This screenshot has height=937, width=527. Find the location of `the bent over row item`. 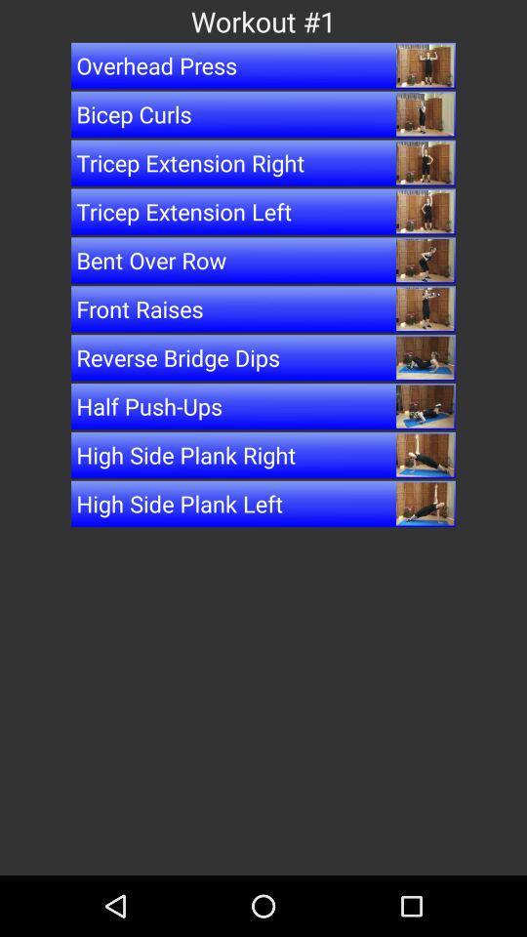

the bent over row item is located at coordinates (263, 259).